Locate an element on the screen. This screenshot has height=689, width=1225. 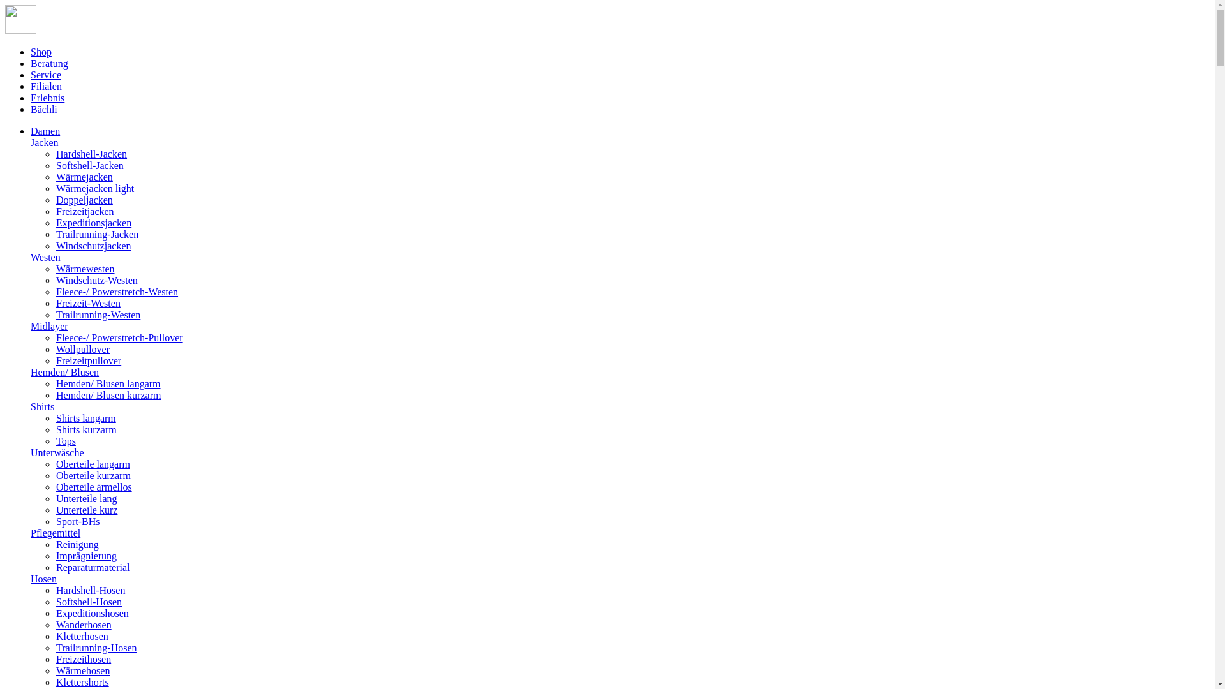
'Hardshell-Jacken' is located at coordinates (91, 153).